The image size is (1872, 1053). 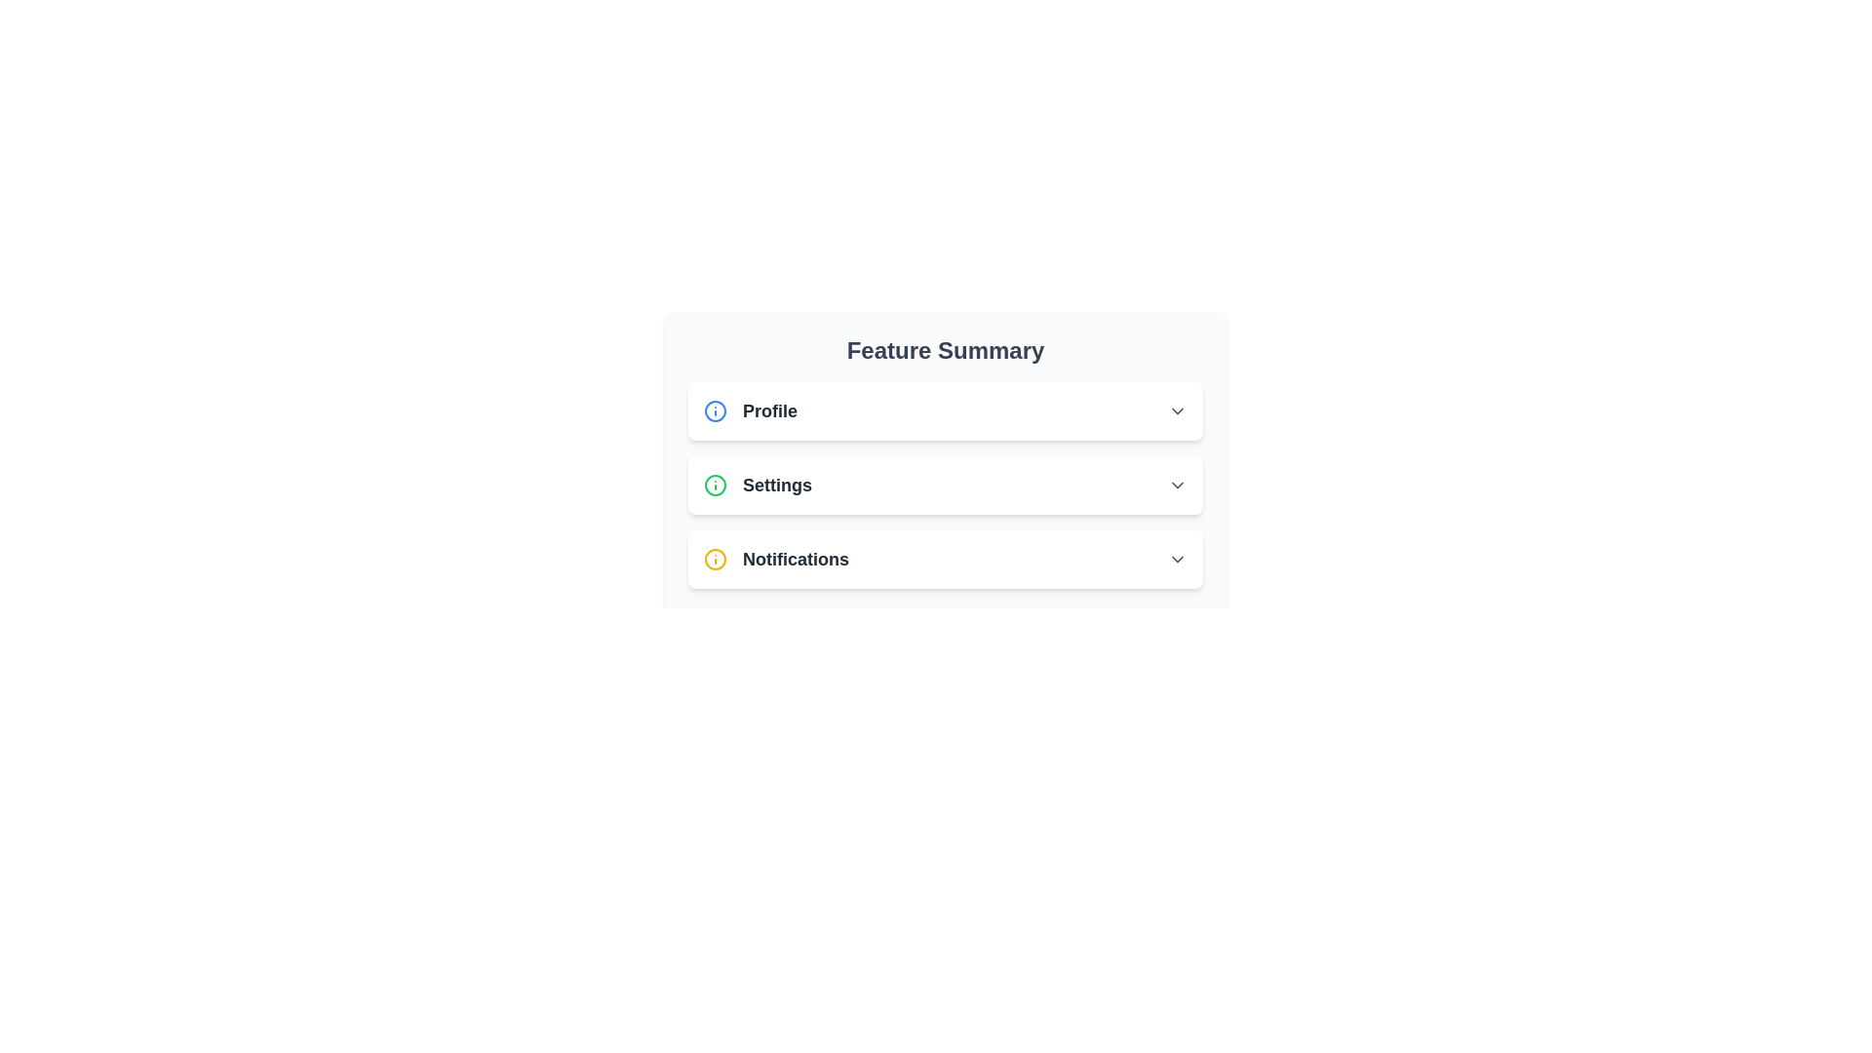 What do you see at coordinates (776, 484) in the screenshot?
I see `text label indicating the name or title of the corresponding settings section or option, which is located to the right of a circular green icon with an 'i' symbol and above the 'Notifications' option under the header 'Feature Summary'` at bounding box center [776, 484].